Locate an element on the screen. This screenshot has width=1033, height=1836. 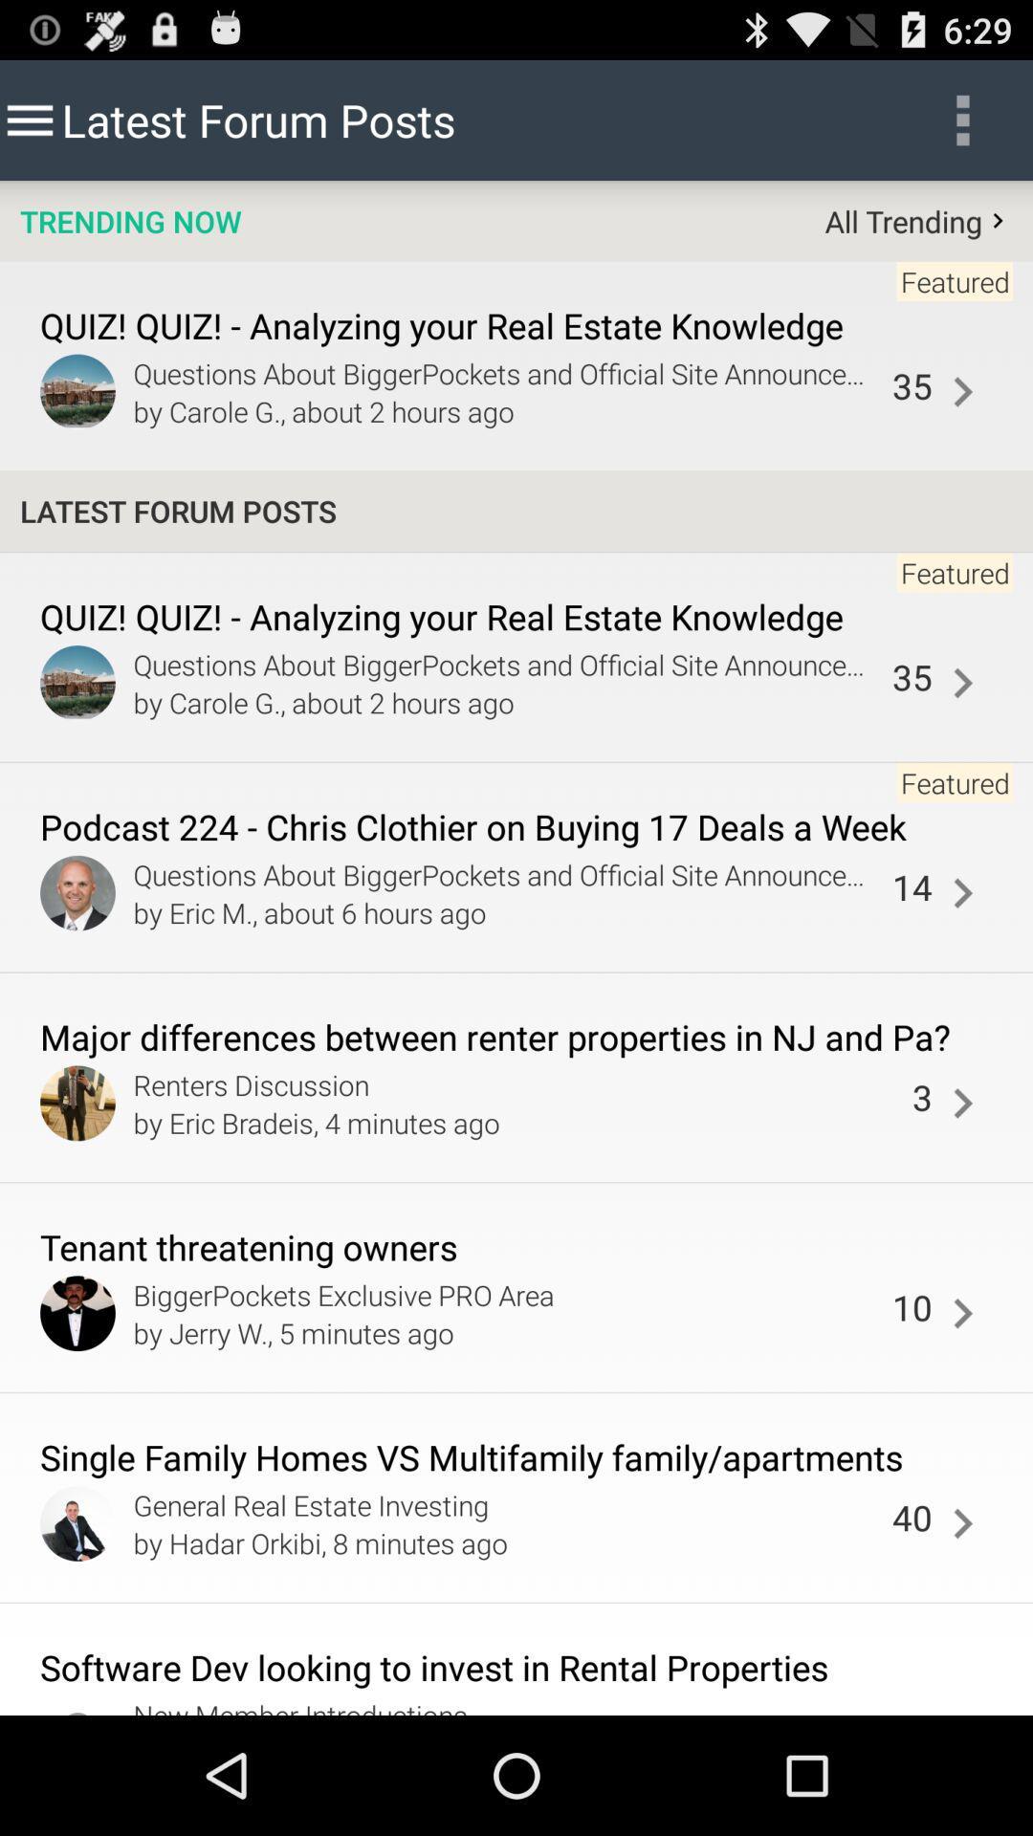
the app next to the 10 is located at coordinates (507, 1331).